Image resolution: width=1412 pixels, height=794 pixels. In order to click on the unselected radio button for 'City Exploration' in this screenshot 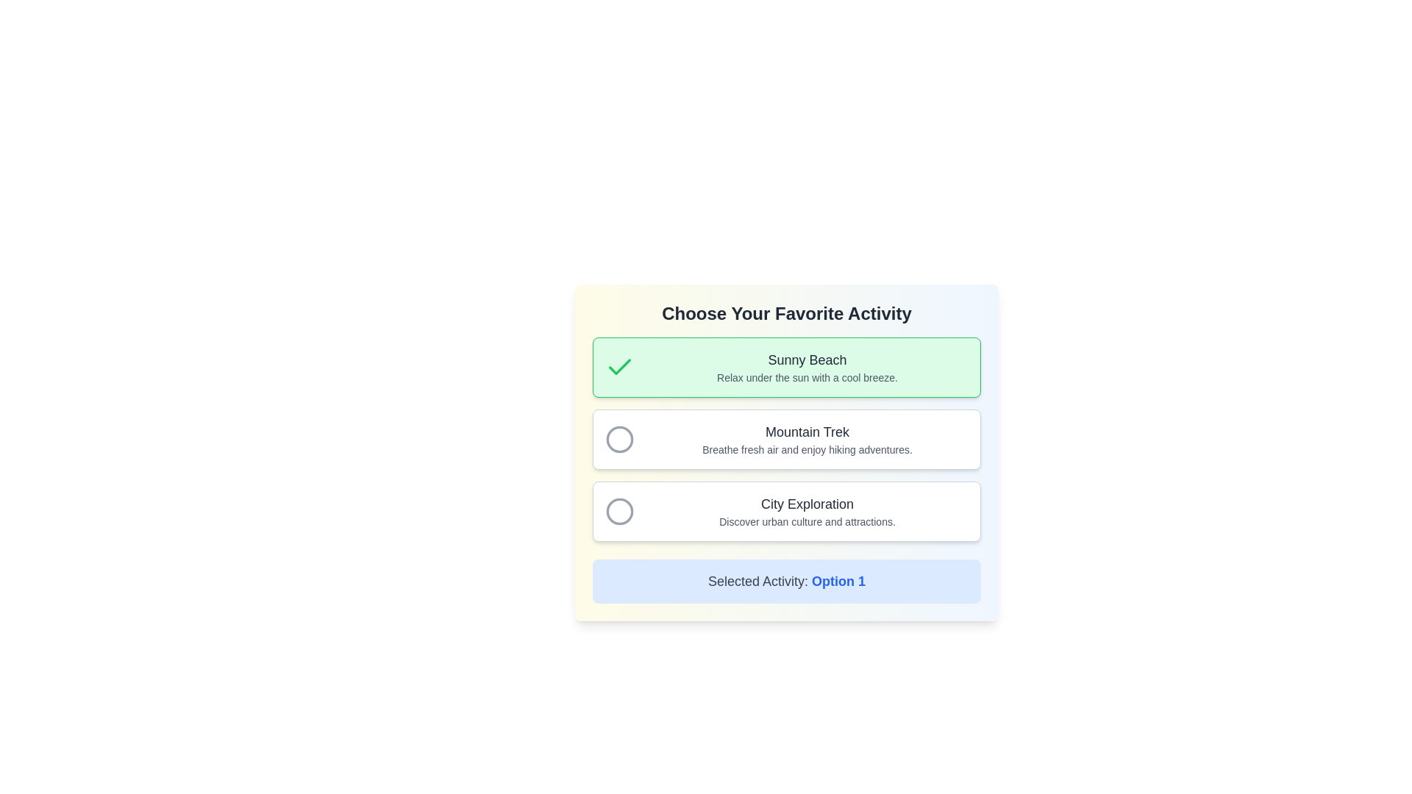, I will do `click(620, 510)`.